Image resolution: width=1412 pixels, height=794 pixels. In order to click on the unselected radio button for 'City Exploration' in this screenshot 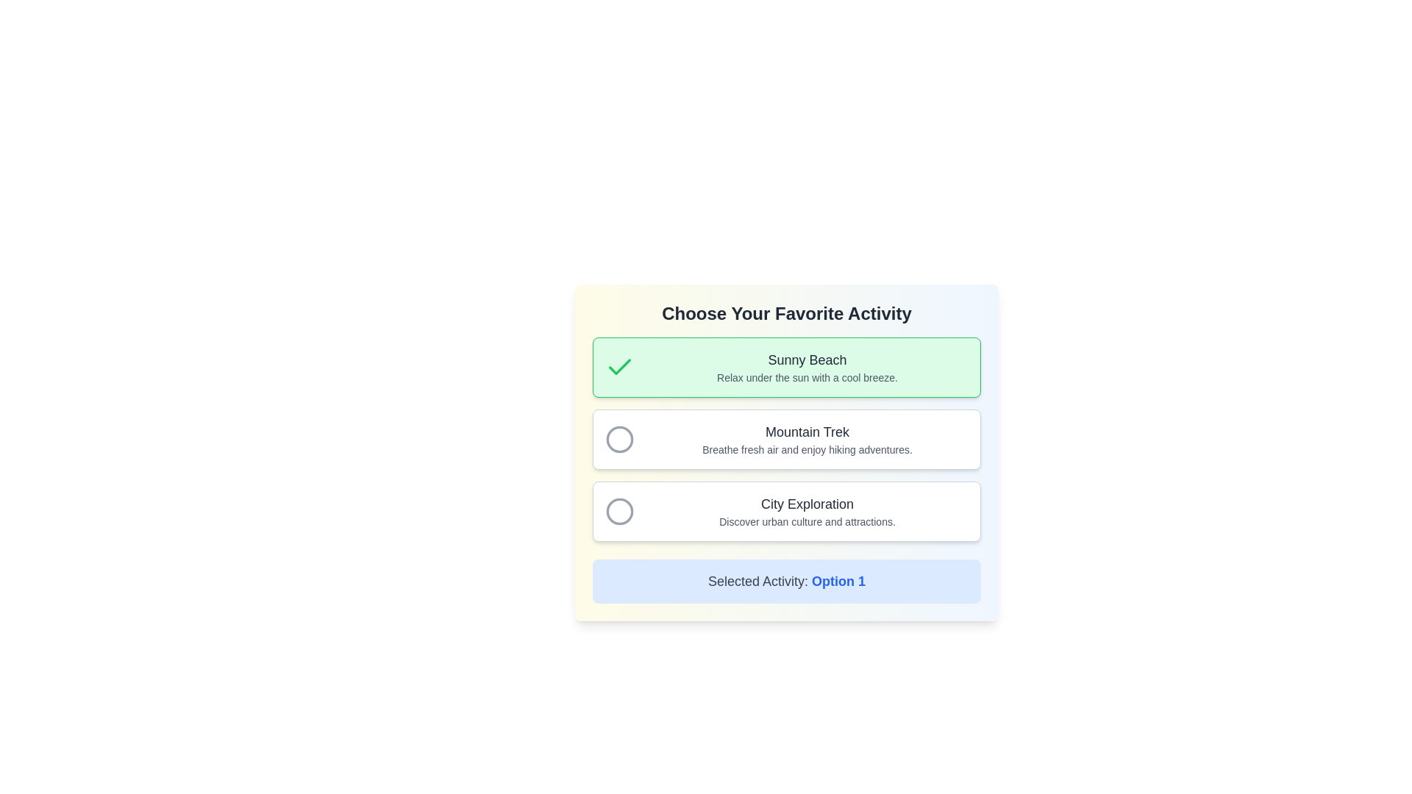, I will do `click(620, 510)`.